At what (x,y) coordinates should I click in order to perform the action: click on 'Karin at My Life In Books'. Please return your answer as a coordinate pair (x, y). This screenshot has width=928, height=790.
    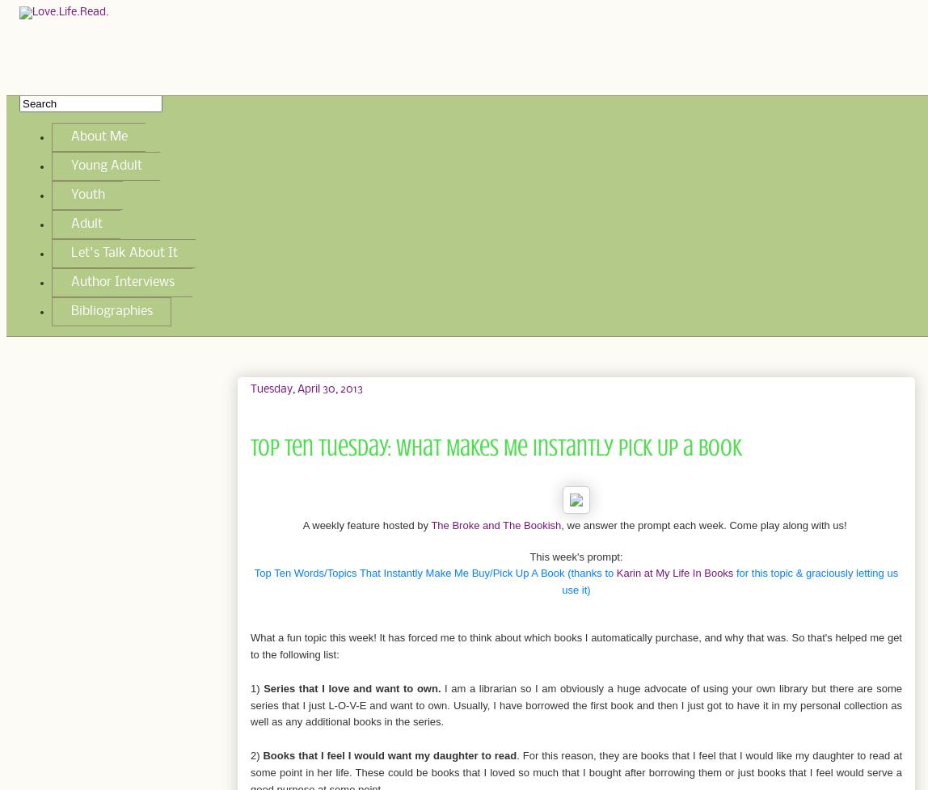
    Looking at the image, I should click on (674, 572).